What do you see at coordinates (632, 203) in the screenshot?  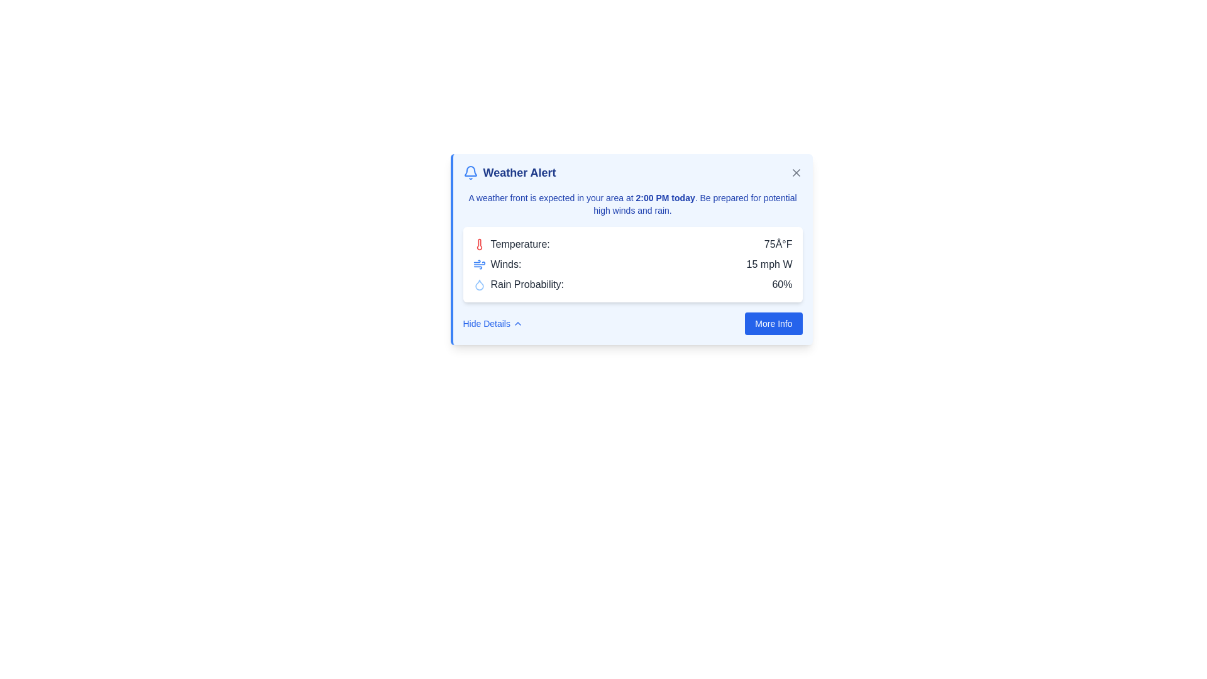 I see `the weather alert message displayed in a smaller blue font with an emphasized bold part, located beneath the 'Weather Alert' heading` at bounding box center [632, 203].